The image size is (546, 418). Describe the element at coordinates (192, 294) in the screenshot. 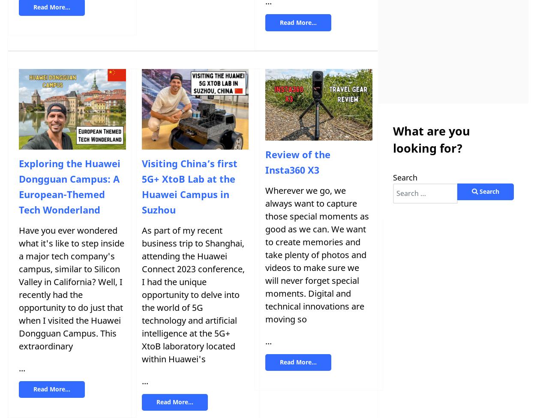

I see `'As part of my recent business trip to Shanghai, attending the Huawei Connect 2023 conference, I had the unique opportunity to delve into the world of 5G technology and artificial intelligence at the 5G+ XtoB laboratory located within Huawei's'` at that location.